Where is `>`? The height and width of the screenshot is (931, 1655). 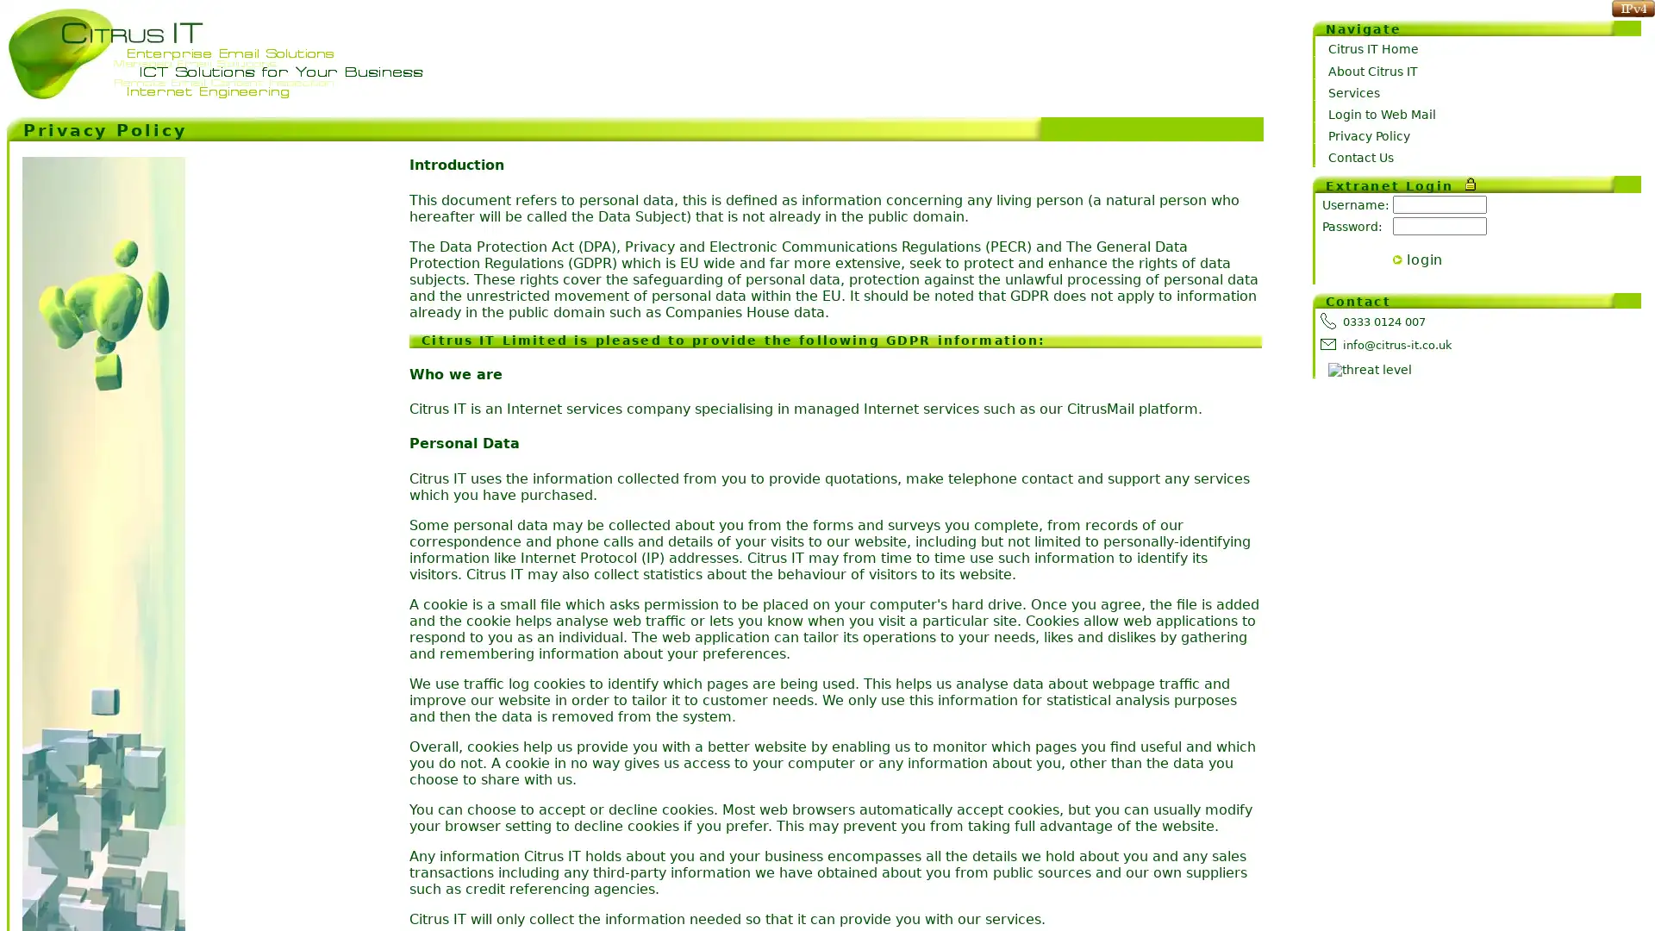
> is located at coordinates (1397, 259).